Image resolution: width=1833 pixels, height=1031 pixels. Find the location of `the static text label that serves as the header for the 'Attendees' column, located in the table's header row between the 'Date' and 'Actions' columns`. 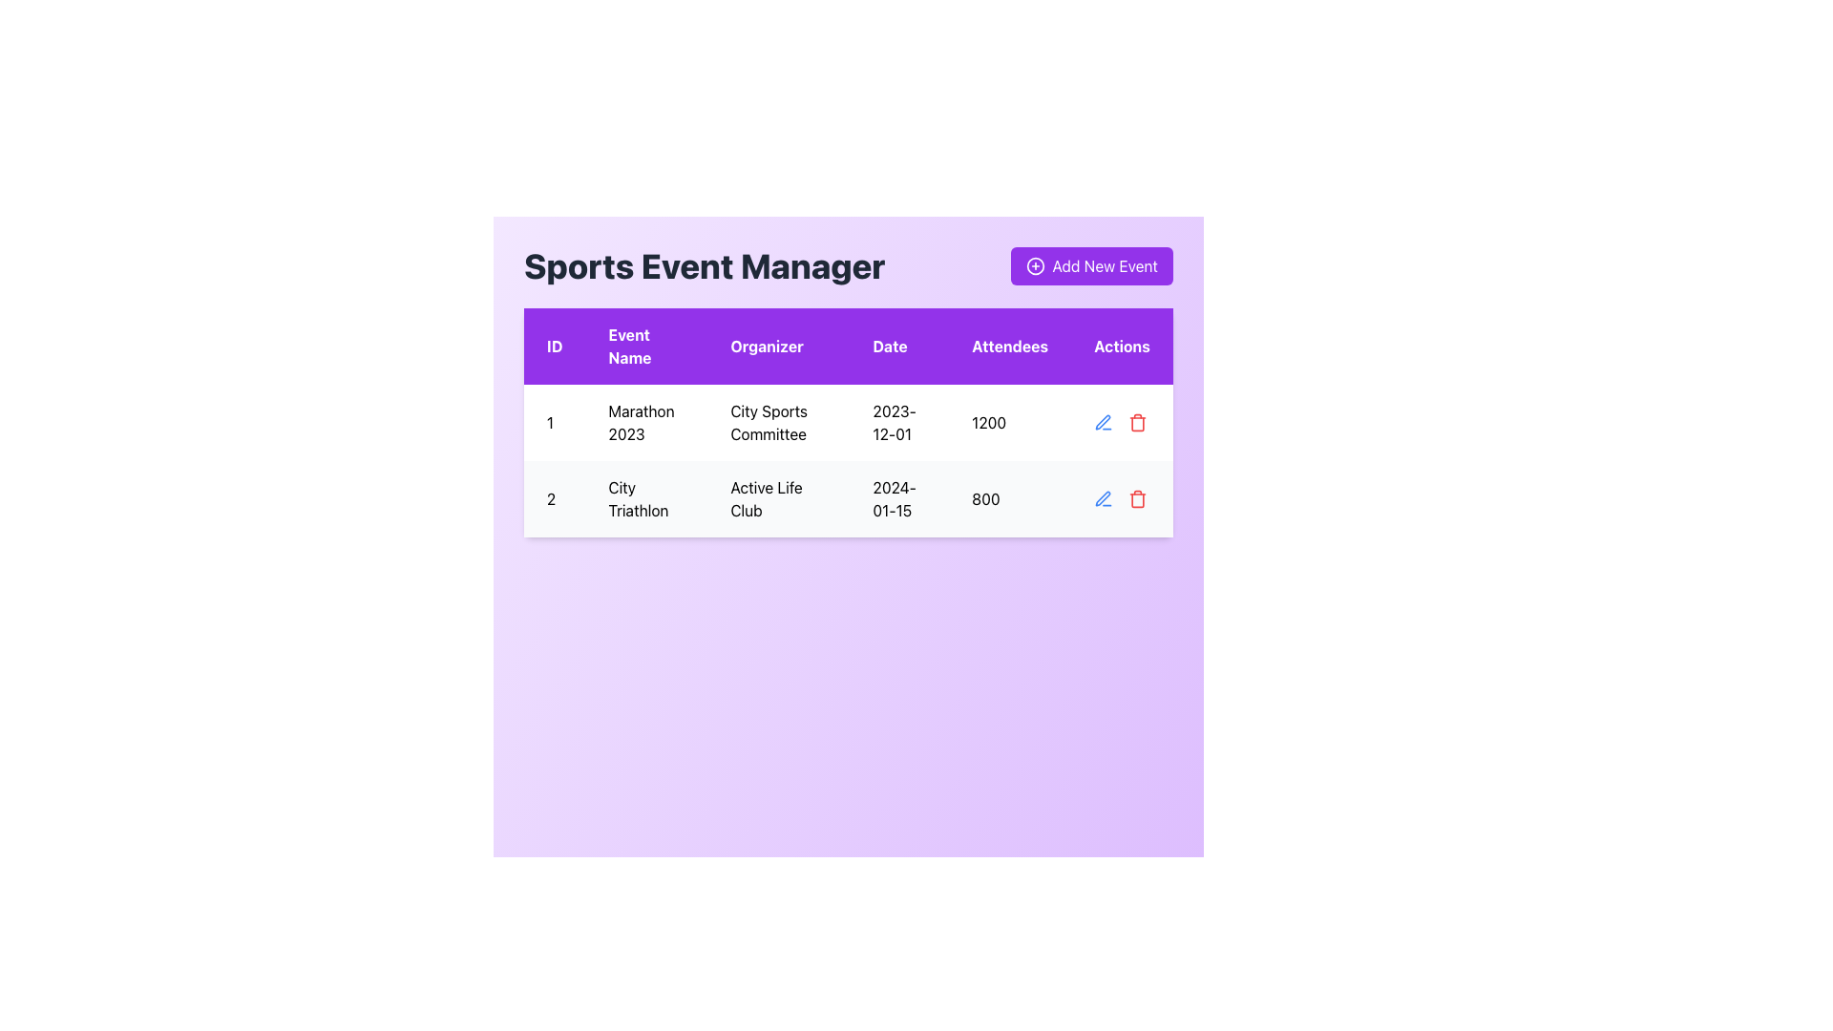

the static text label that serves as the header for the 'Attendees' column, located in the table's header row between the 'Date' and 'Actions' columns is located at coordinates (1009, 346).